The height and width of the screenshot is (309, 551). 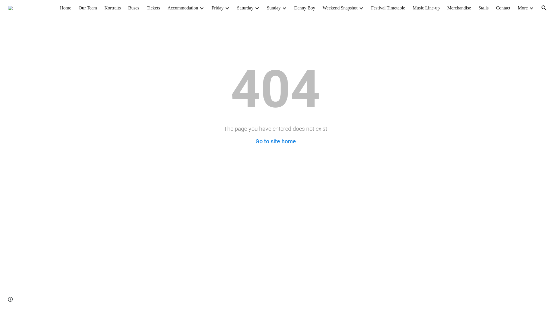 What do you see at coordinates (133, 8) in the screenshot?
I see `'Buses'` at bounding box center [133, 8].